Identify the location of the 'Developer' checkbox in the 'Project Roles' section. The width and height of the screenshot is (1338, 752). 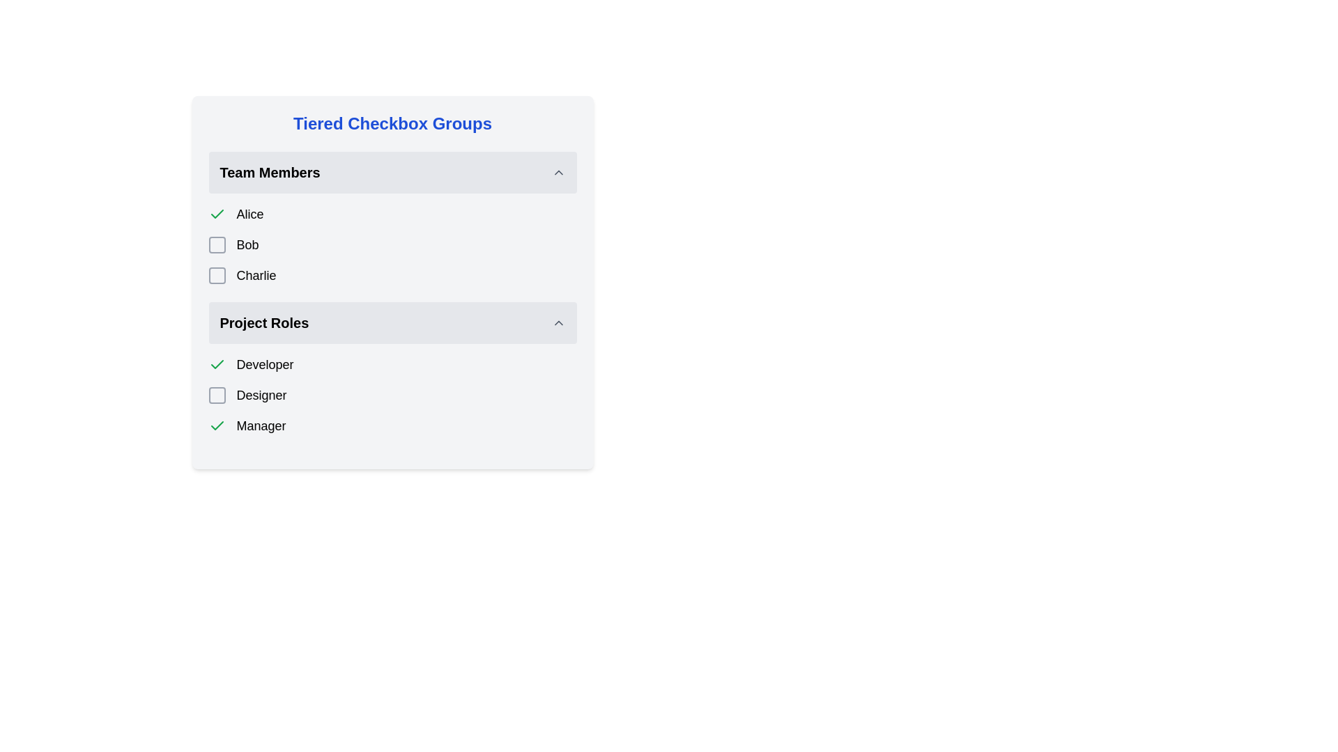
(392, 364).